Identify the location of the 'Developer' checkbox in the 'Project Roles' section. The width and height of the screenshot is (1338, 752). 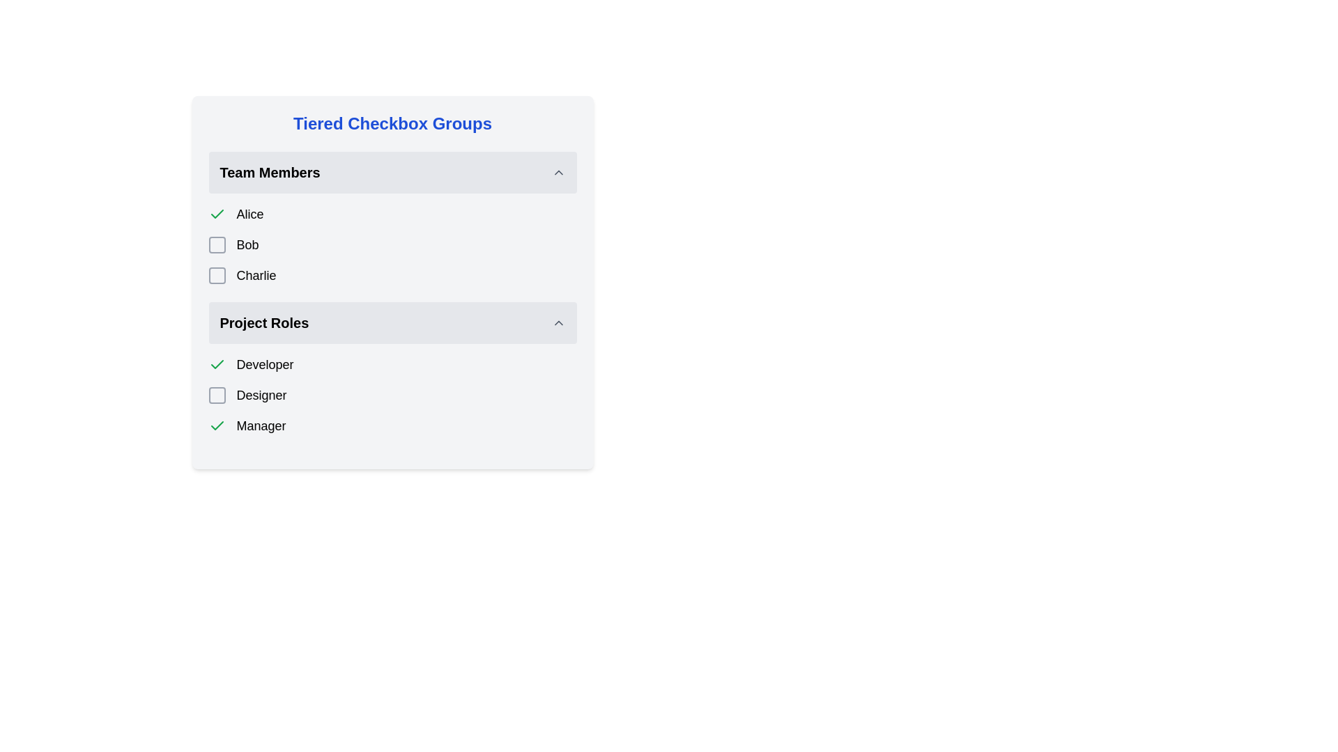
(392, 364).